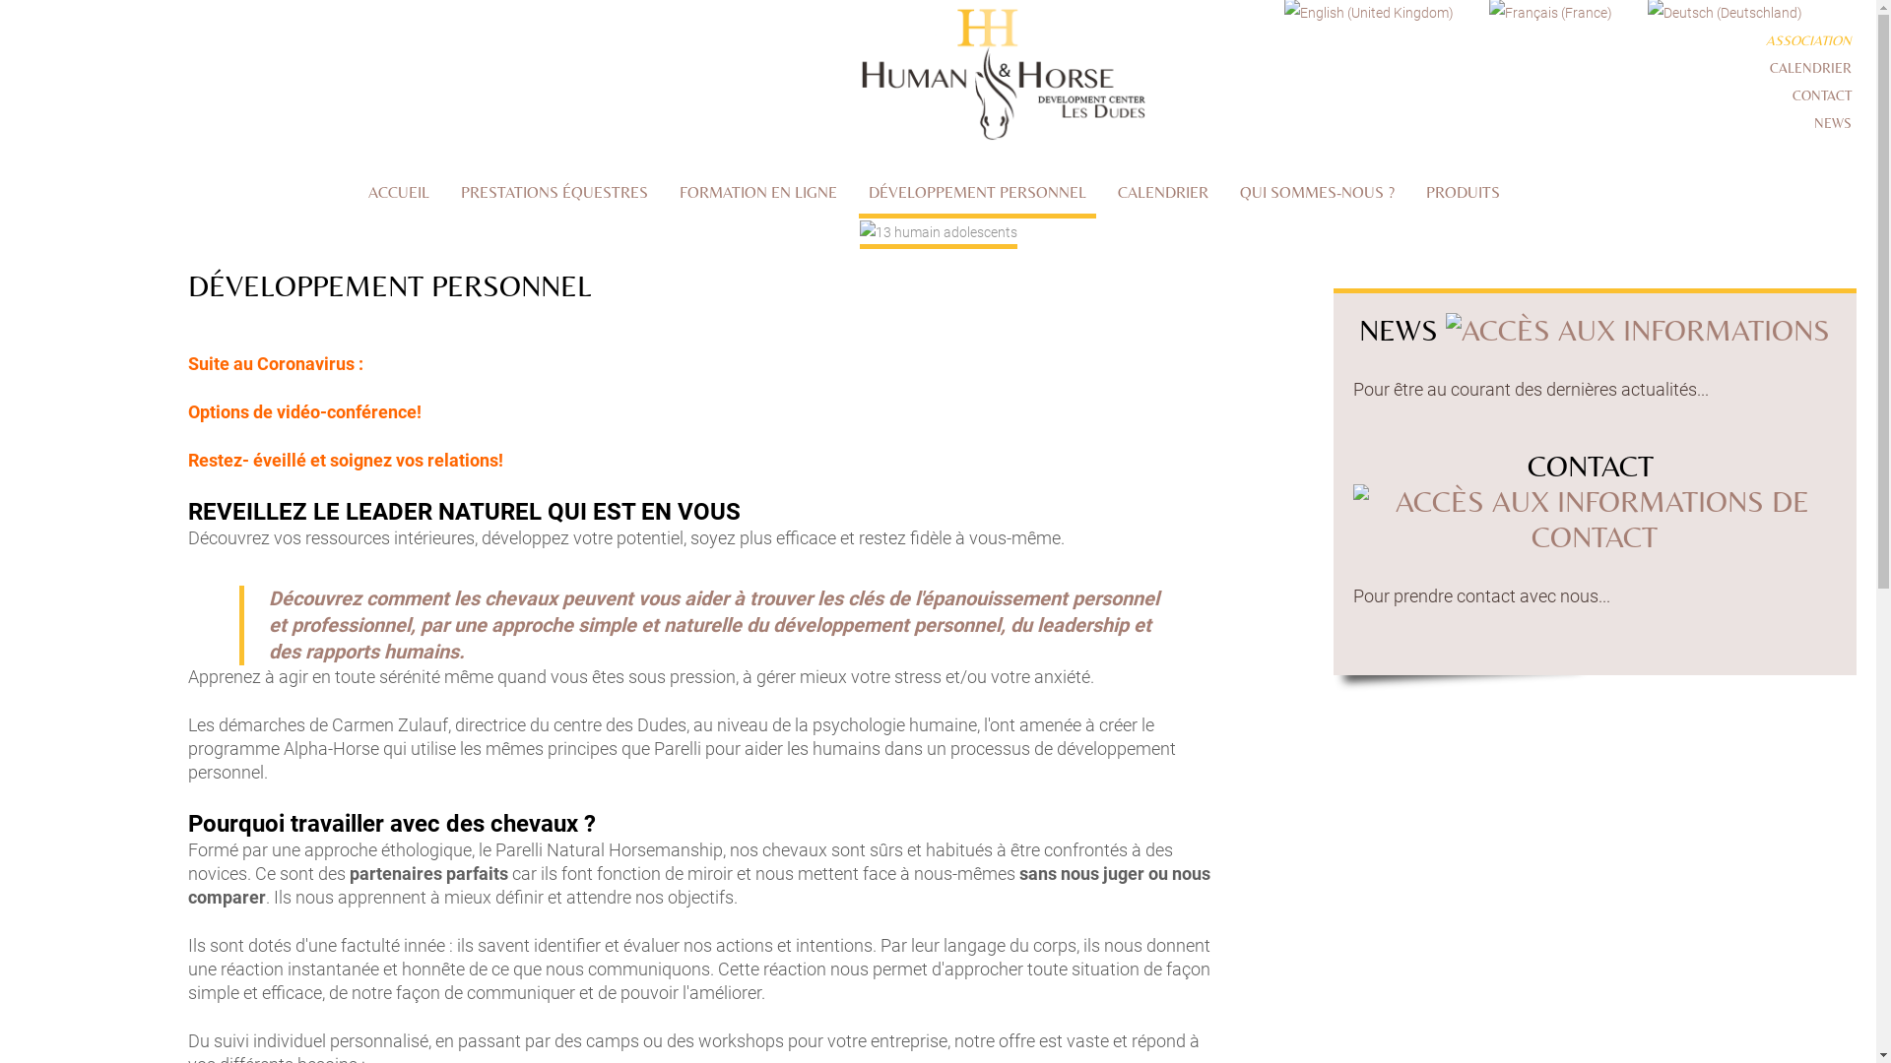  Describe the element at coordinates (1832, 122) in the screenshot. I see `'NEWS'` at that location.